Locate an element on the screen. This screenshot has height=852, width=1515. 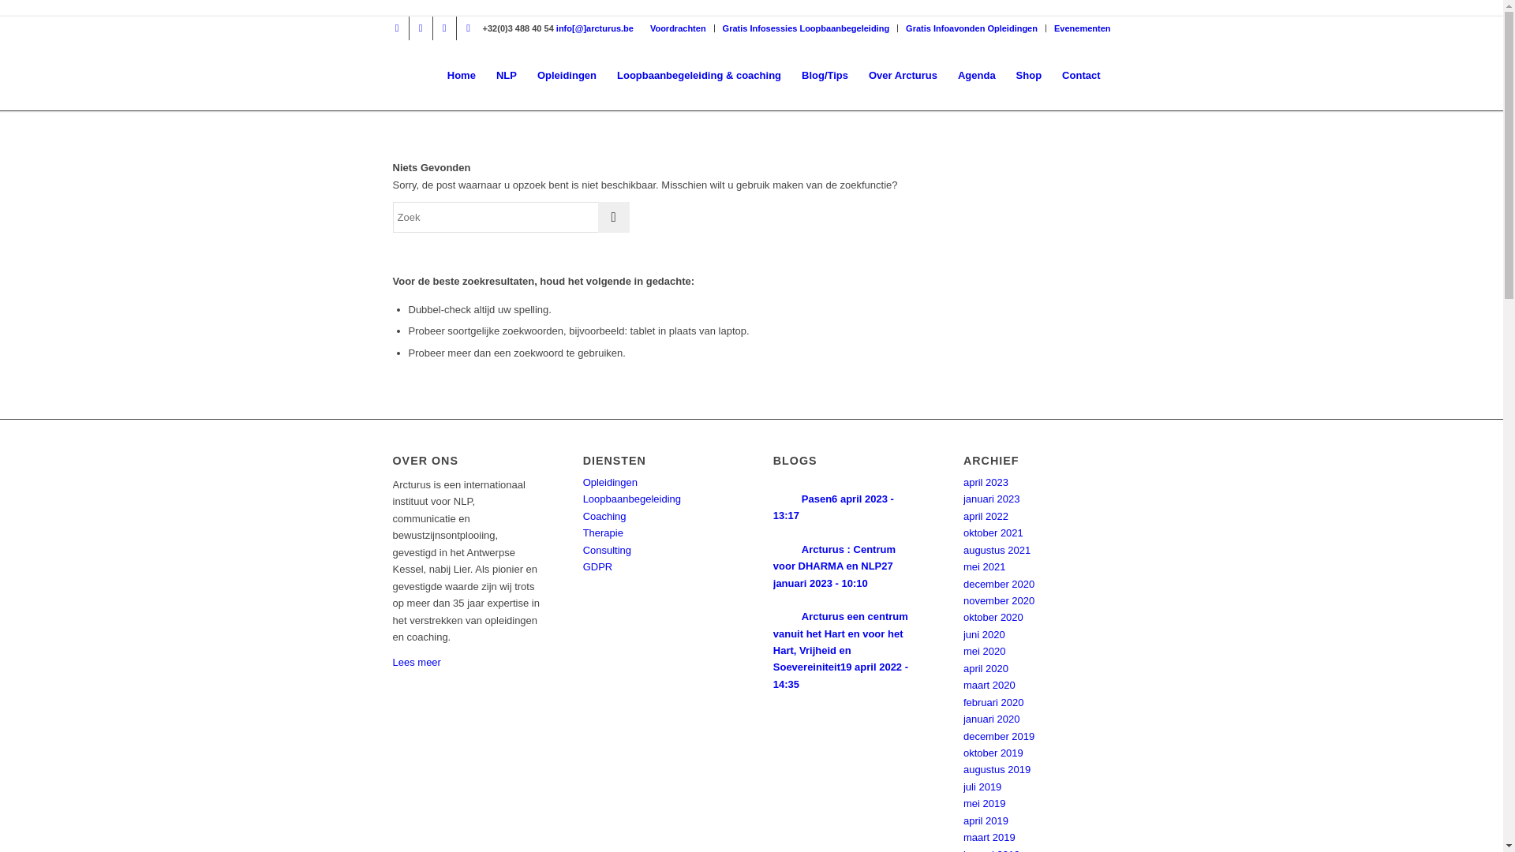
'maart 2020' is located at coordinates (988, 684).